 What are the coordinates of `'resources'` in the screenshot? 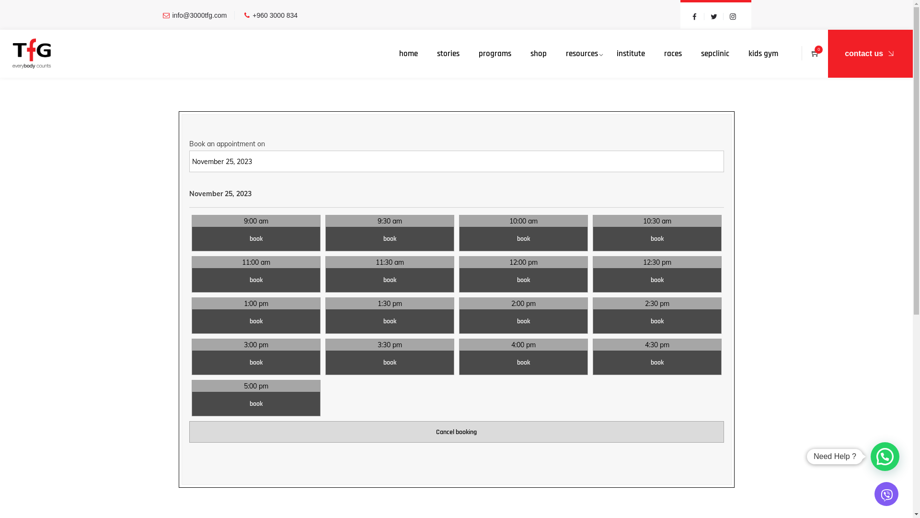 It's located at (581, 53).